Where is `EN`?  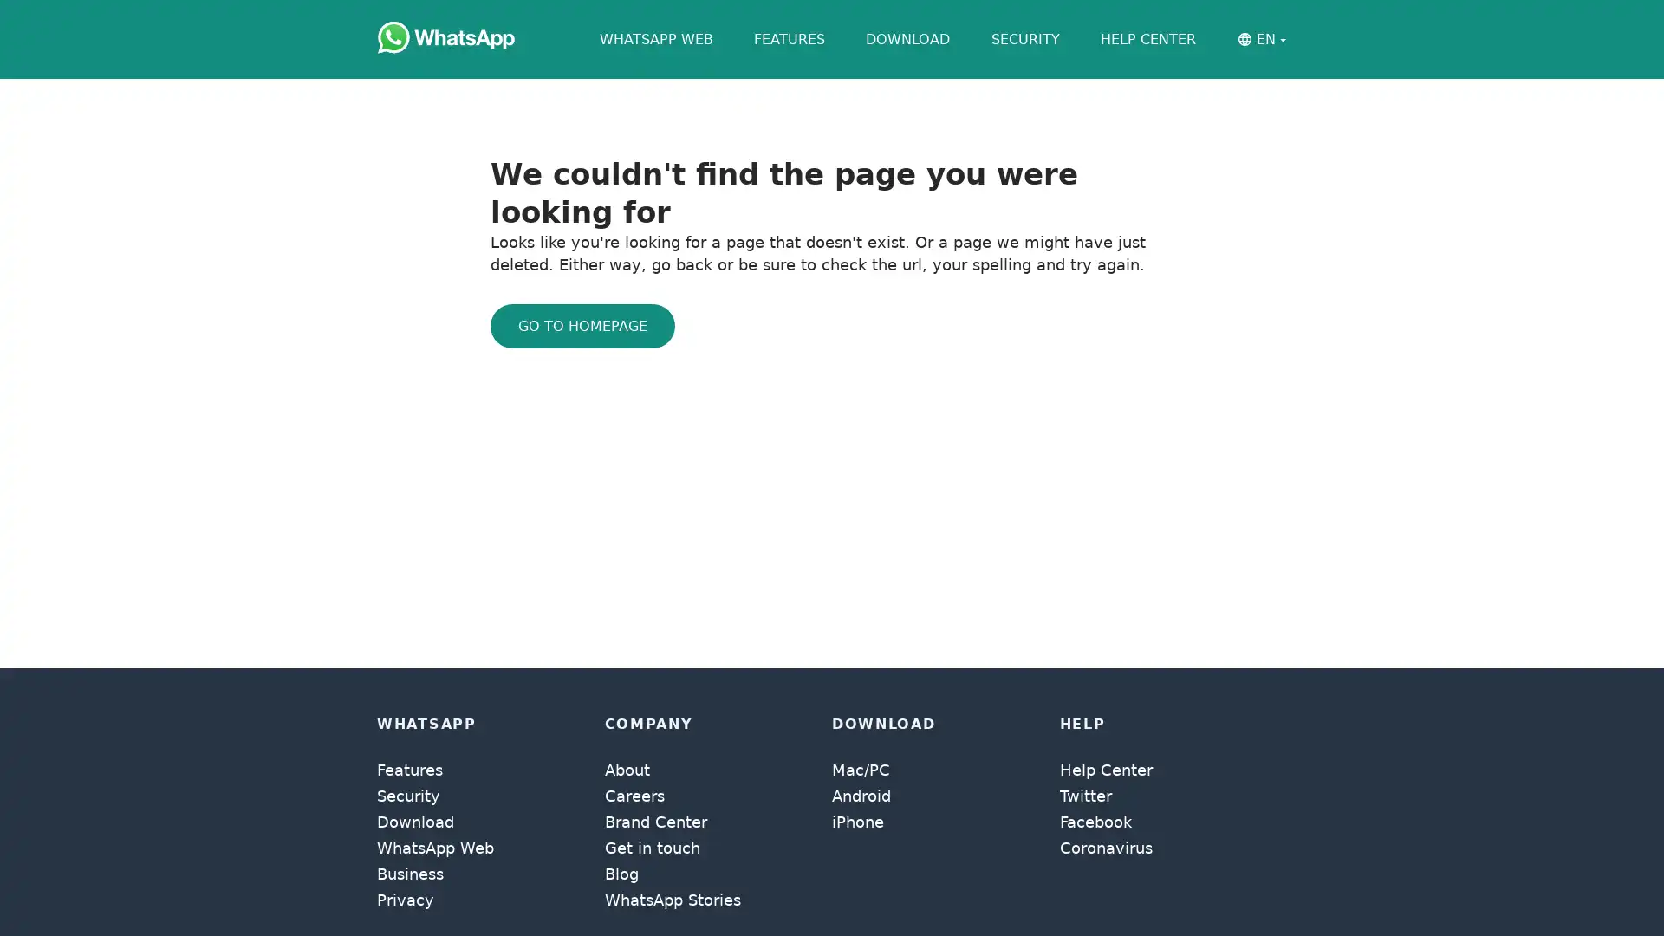 EN is located at coordinates (1261, 39).